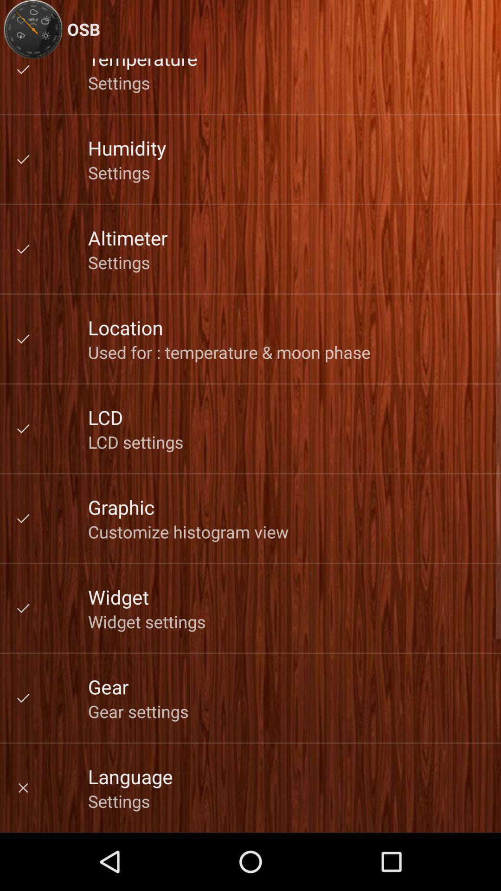 Image resolution: width=501 pixels, height=891 pixels. What do you see at coordinates (130, 776) in the screenshot?
I see `language` at bounding box center [130, 776].